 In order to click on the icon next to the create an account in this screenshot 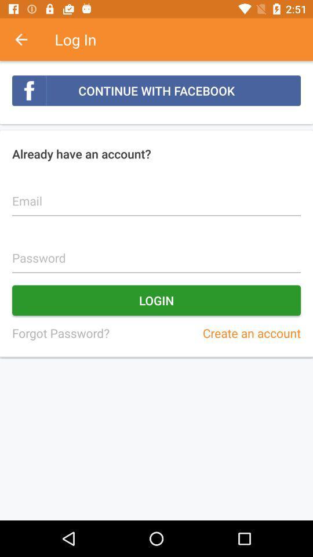, I will do `click(60, 333)`.